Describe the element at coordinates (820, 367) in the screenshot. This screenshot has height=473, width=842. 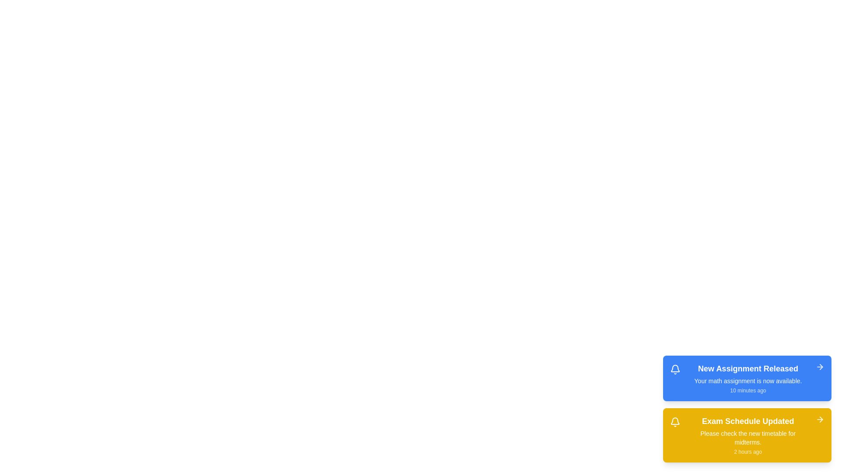
I see `the right arrow button of the alert to dismiss it` at that location.